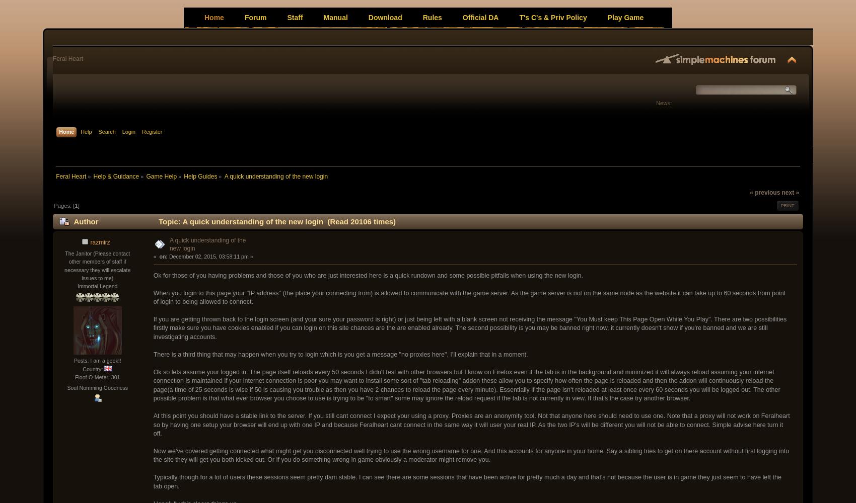  Describe the element at coordinates (656, 103) in the screenshot. I see `'News:'` at that location.